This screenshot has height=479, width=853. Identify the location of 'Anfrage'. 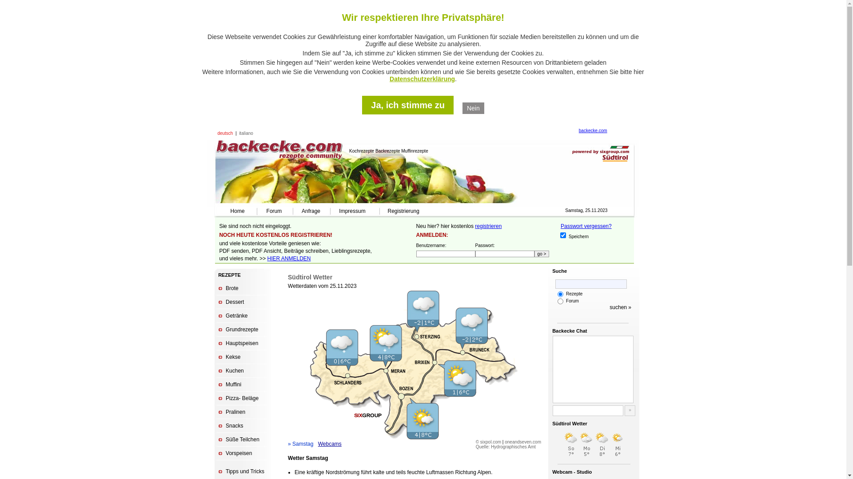
(311, 211).